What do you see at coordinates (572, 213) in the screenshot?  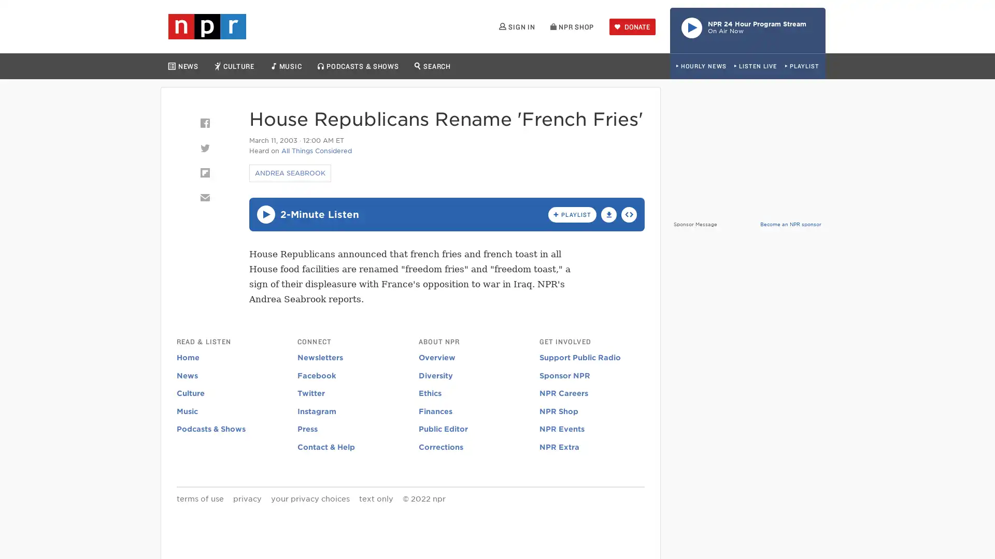 I see `Add to PLAYLIST` at bounding box center [572, 213].